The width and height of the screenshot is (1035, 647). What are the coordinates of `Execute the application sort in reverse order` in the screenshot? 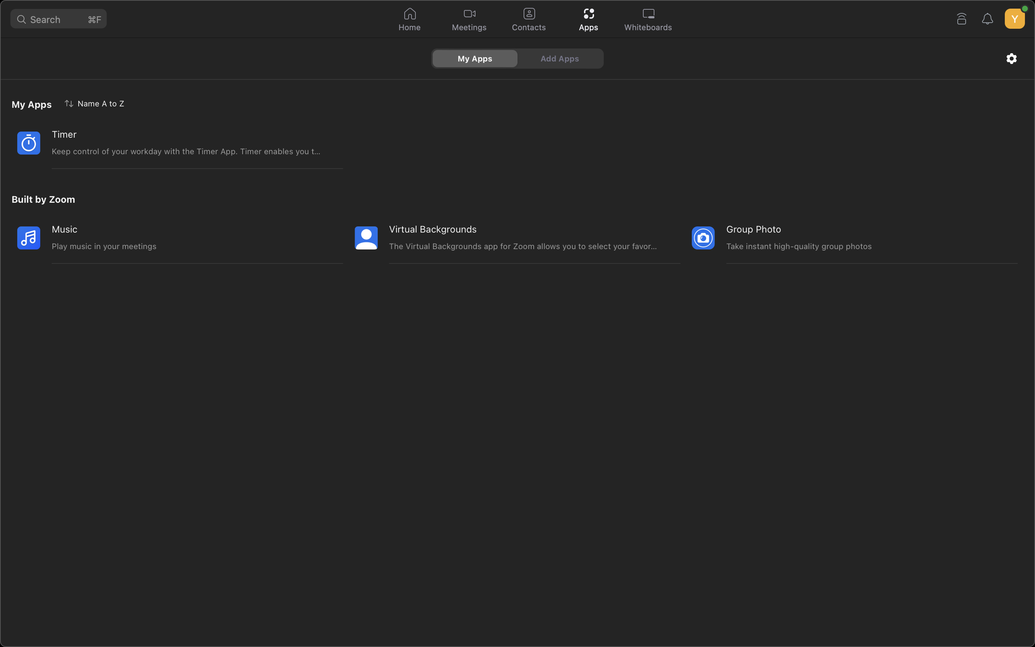 It's located at (96, 102).